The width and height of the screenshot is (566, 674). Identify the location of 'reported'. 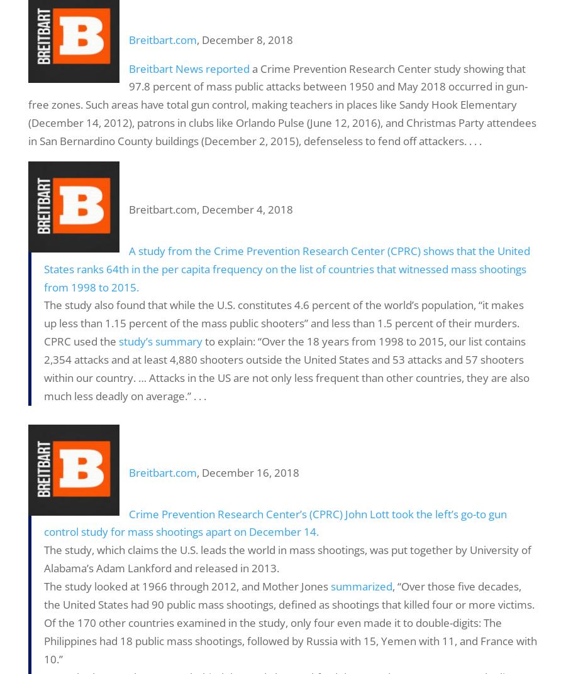
(227, 68).